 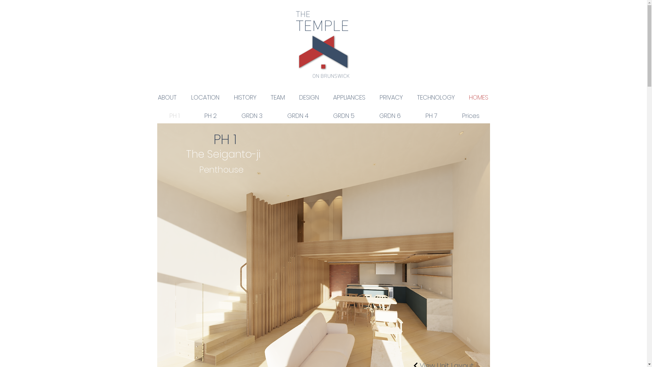 What do you see at coordinates (309, 97) in the screenshot?
I see `'DESIGN'` at bounding box center [309, 97].